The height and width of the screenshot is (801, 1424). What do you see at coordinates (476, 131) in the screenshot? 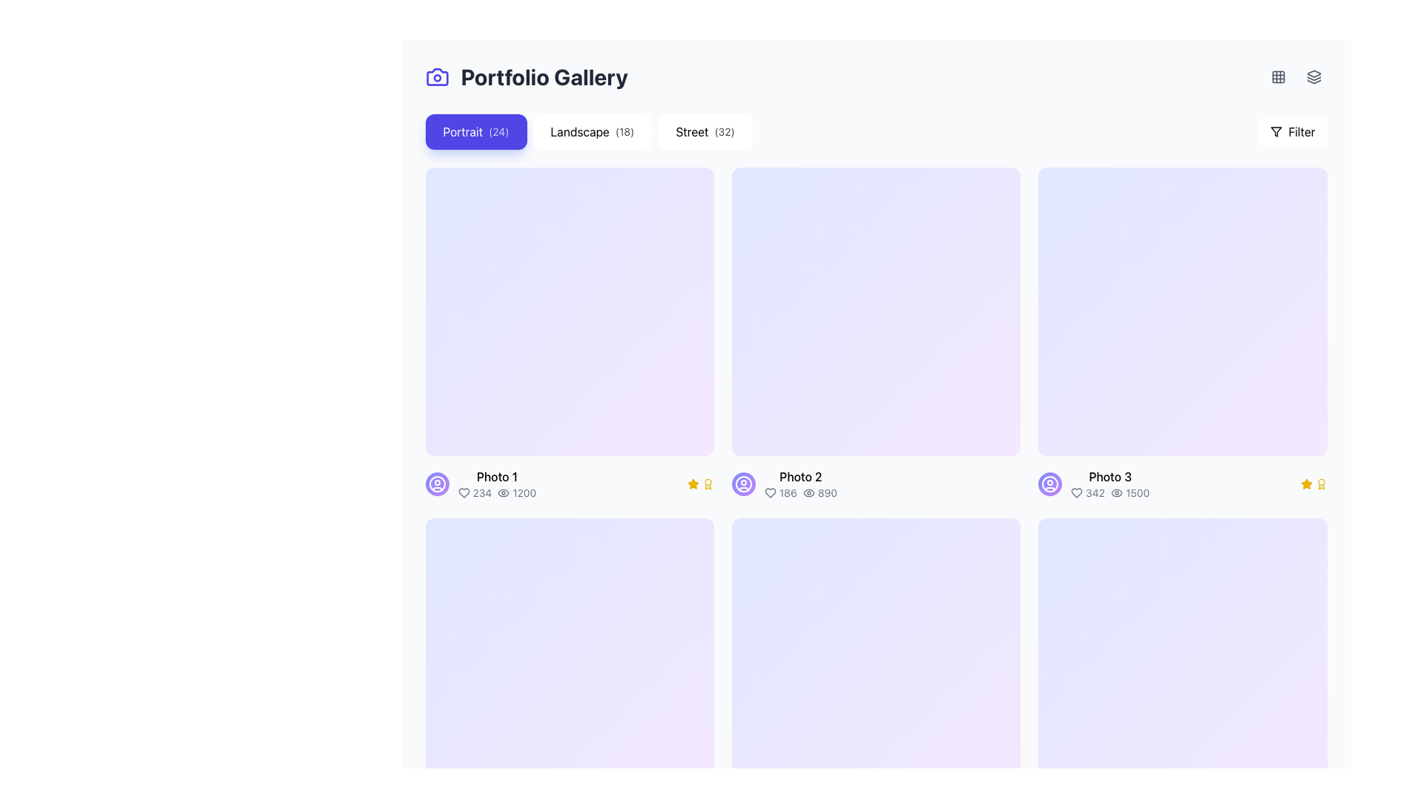
I see `the button with a rounded blue background and white text displaying 'Portrait (24)'` at bounding box center [476, 131].